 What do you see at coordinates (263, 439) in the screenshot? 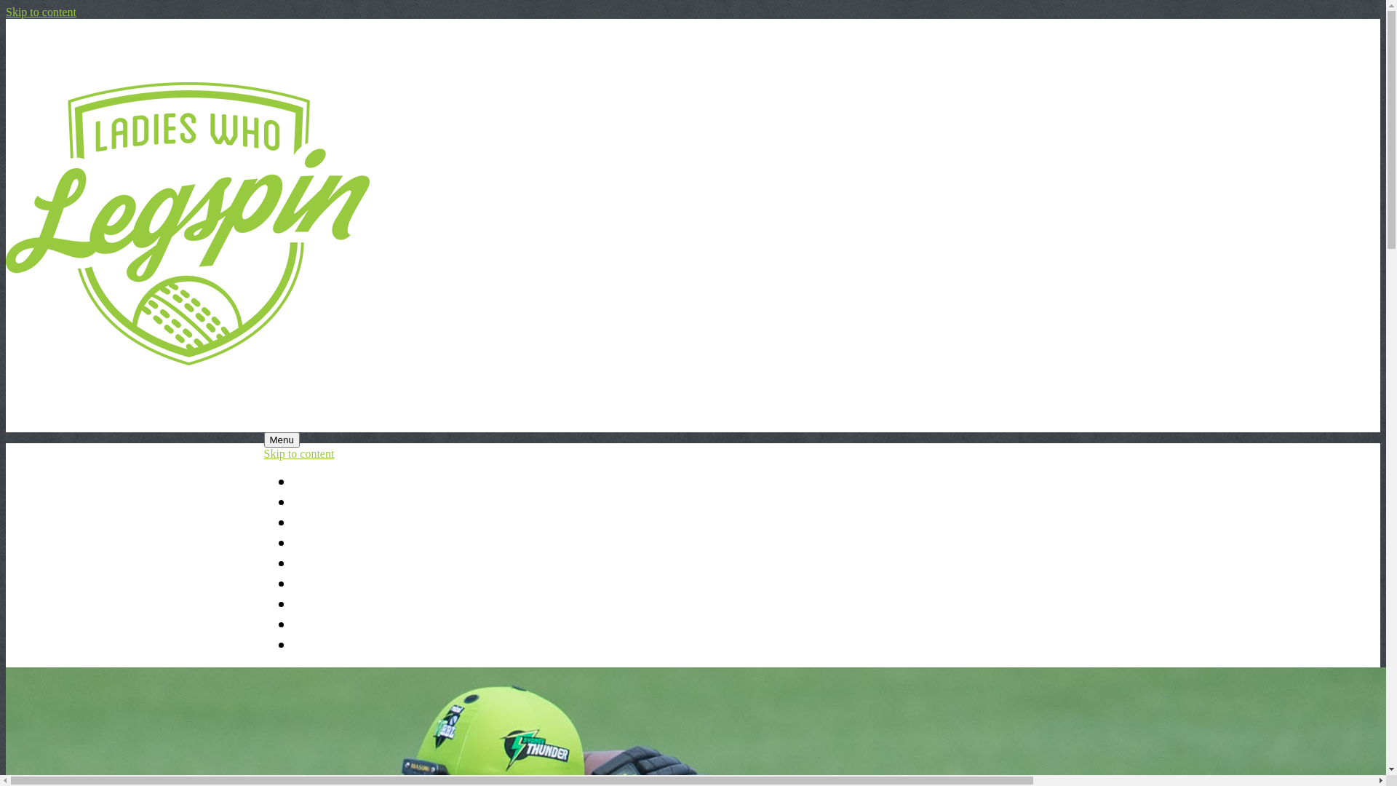
I see `'Menu'` at bounding box center [263, 439].